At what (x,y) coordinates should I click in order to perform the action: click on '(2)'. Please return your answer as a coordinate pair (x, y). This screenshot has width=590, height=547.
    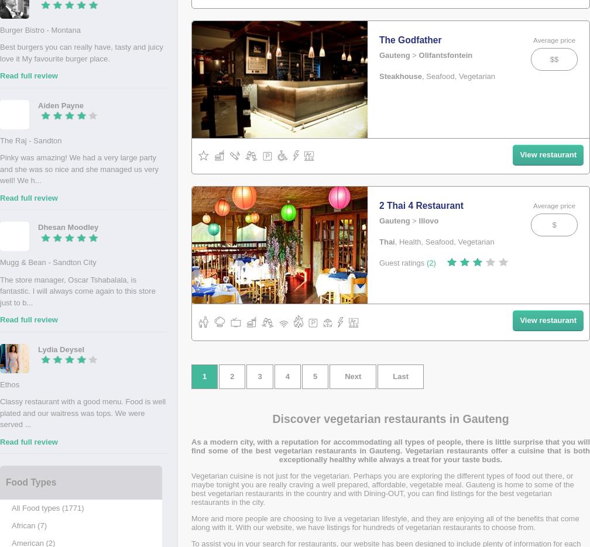
    Looking at the image, I should click on (431, 262).